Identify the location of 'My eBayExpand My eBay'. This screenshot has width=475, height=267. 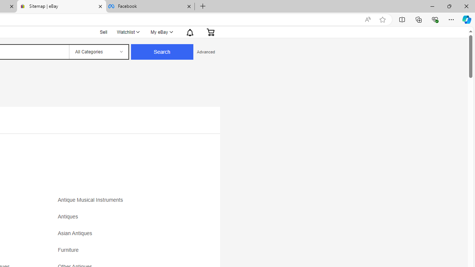
(161, 32).